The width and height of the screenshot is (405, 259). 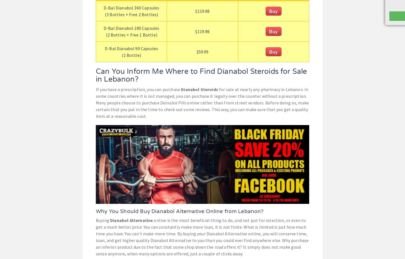 What do you see at coordinates (131, 7) in the screenshot?
I see `'D-Bal Dianabol 360 Capsules'` at bounding box center [131, 7].